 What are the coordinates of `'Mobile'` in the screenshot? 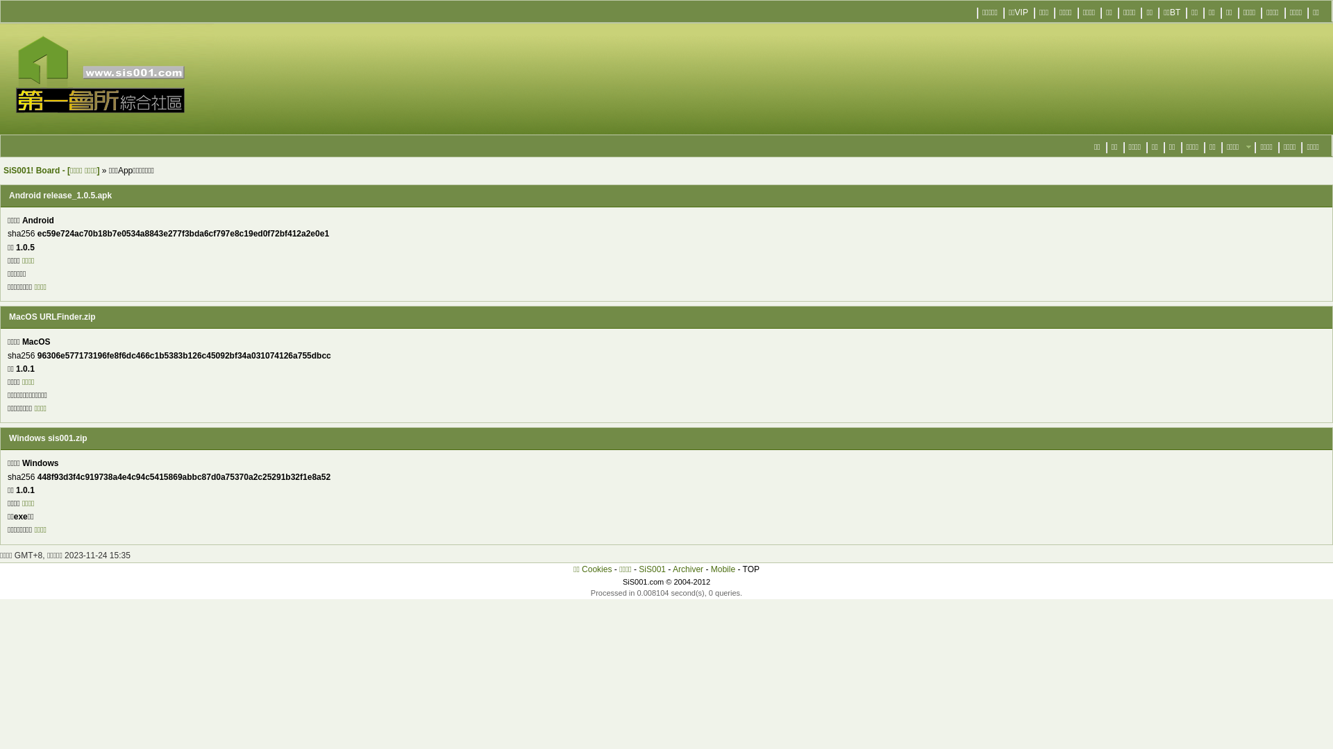 It's located at (710, 569).